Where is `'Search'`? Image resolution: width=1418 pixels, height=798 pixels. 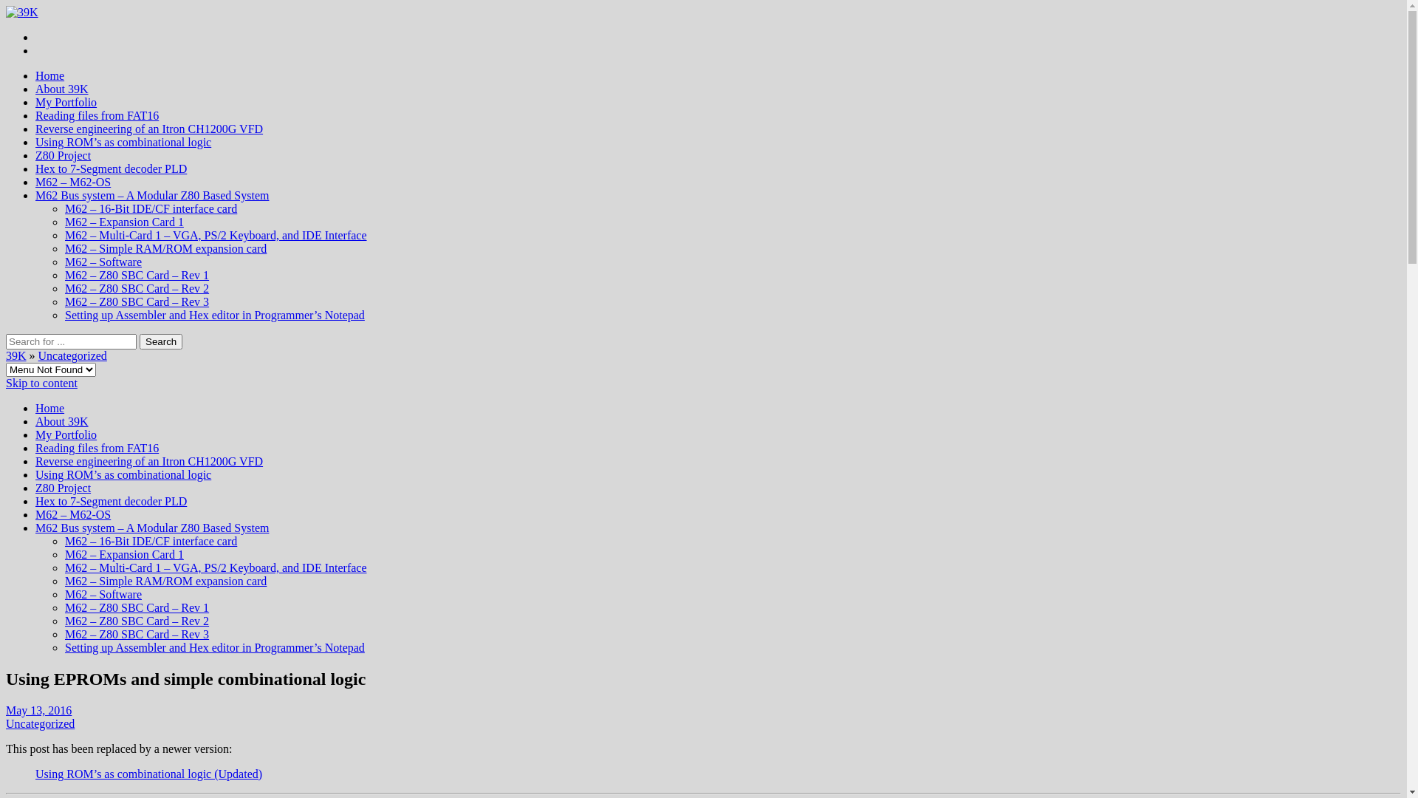 'Search' is located at coordinates (160, 341).